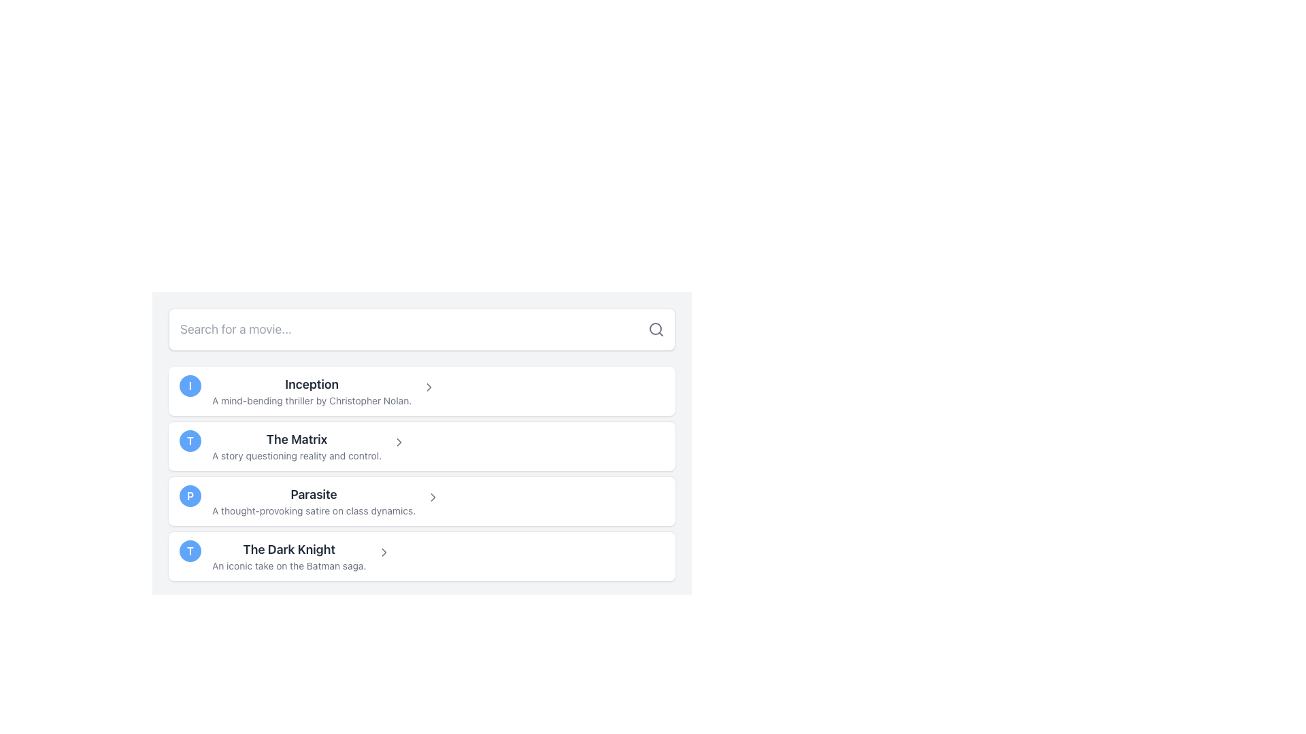 Image resolution: width=1306 pixels, height=734 pixels. What do you see at coordinates (313, 495) in the screenshot?
I see `on the title text label for the movie 'Parasite' located in the third item block of the list` at bounding box center [313, 495].